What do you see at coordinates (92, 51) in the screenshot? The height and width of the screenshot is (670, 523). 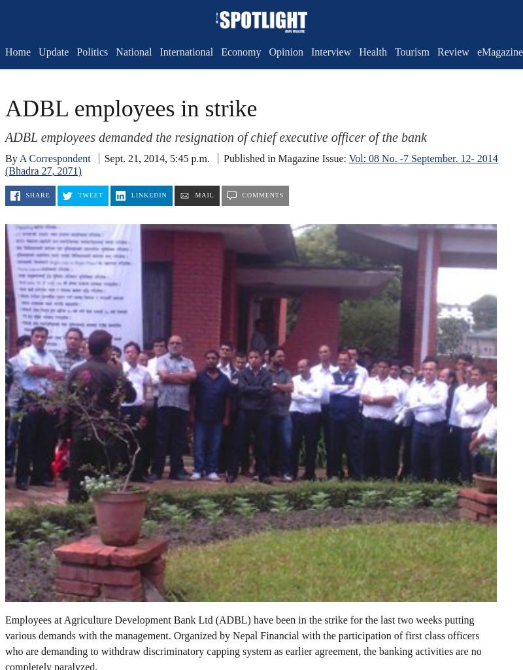 I see `'Politics'` at bounding box center [92, 51].